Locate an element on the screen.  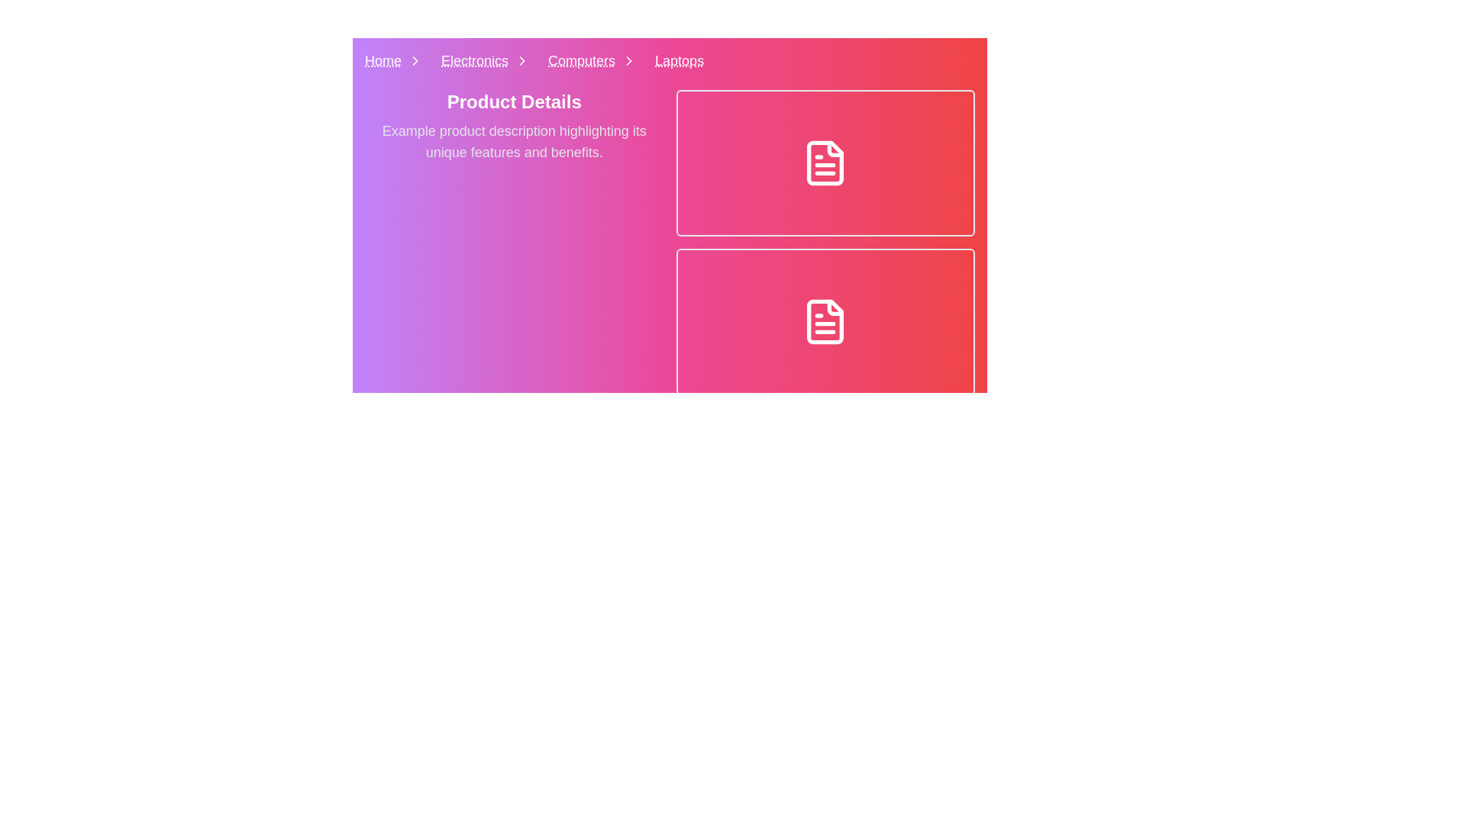
the 'Computers' breadcrumb link in the navigation component is located at coordinates (595, 60).